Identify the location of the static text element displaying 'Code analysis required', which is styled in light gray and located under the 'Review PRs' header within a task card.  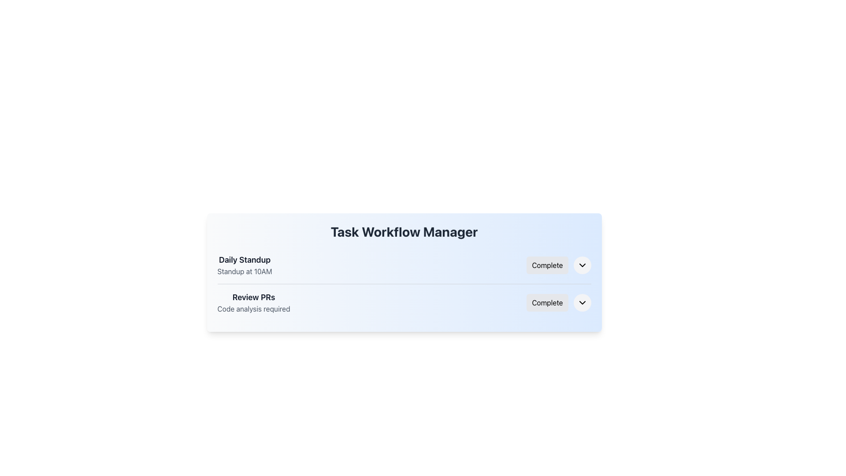
(253, 309).